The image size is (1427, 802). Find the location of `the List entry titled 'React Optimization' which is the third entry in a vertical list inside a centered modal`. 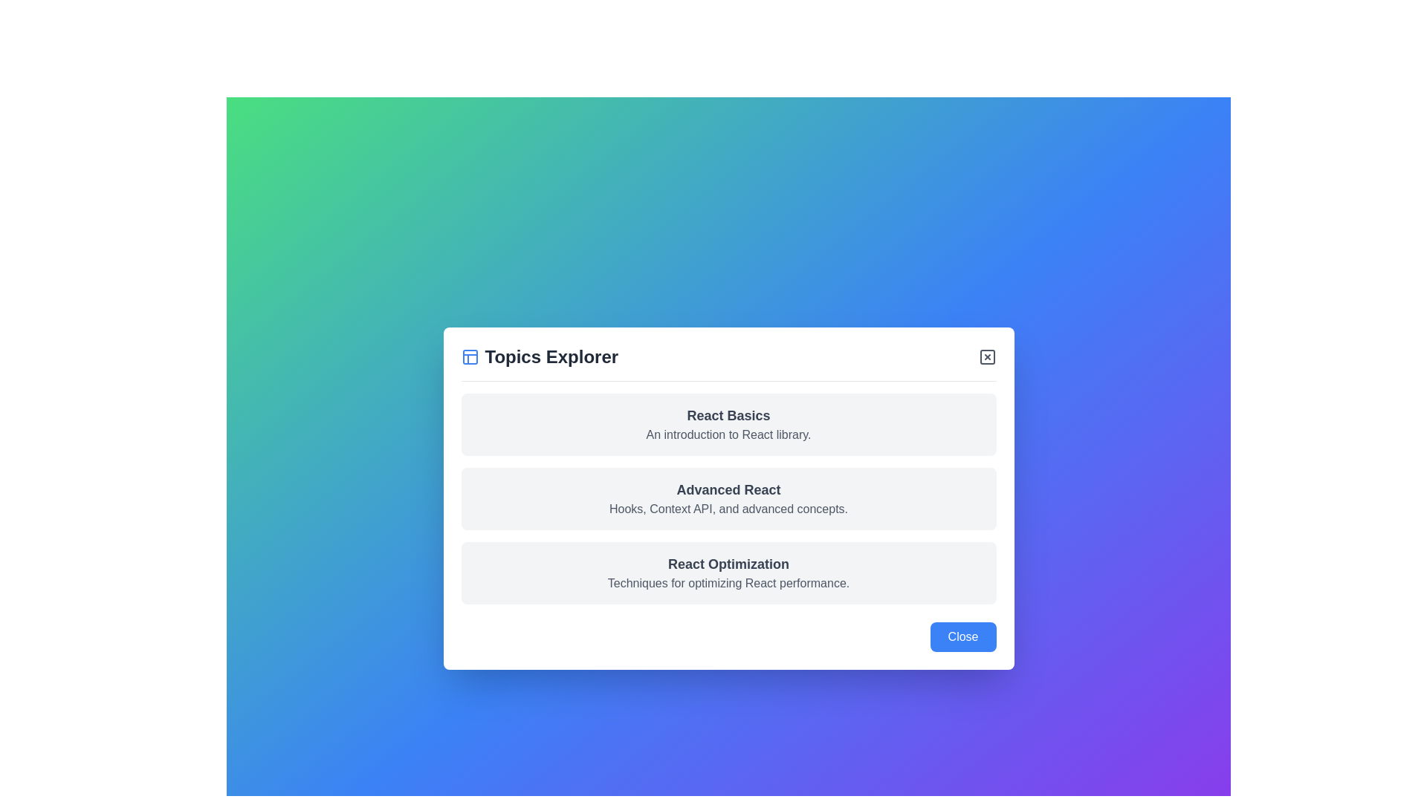

the List entry titled 'React Optimization' which is the third entry in a vertical list inside a centered modal is located at coordinates (728, 572).